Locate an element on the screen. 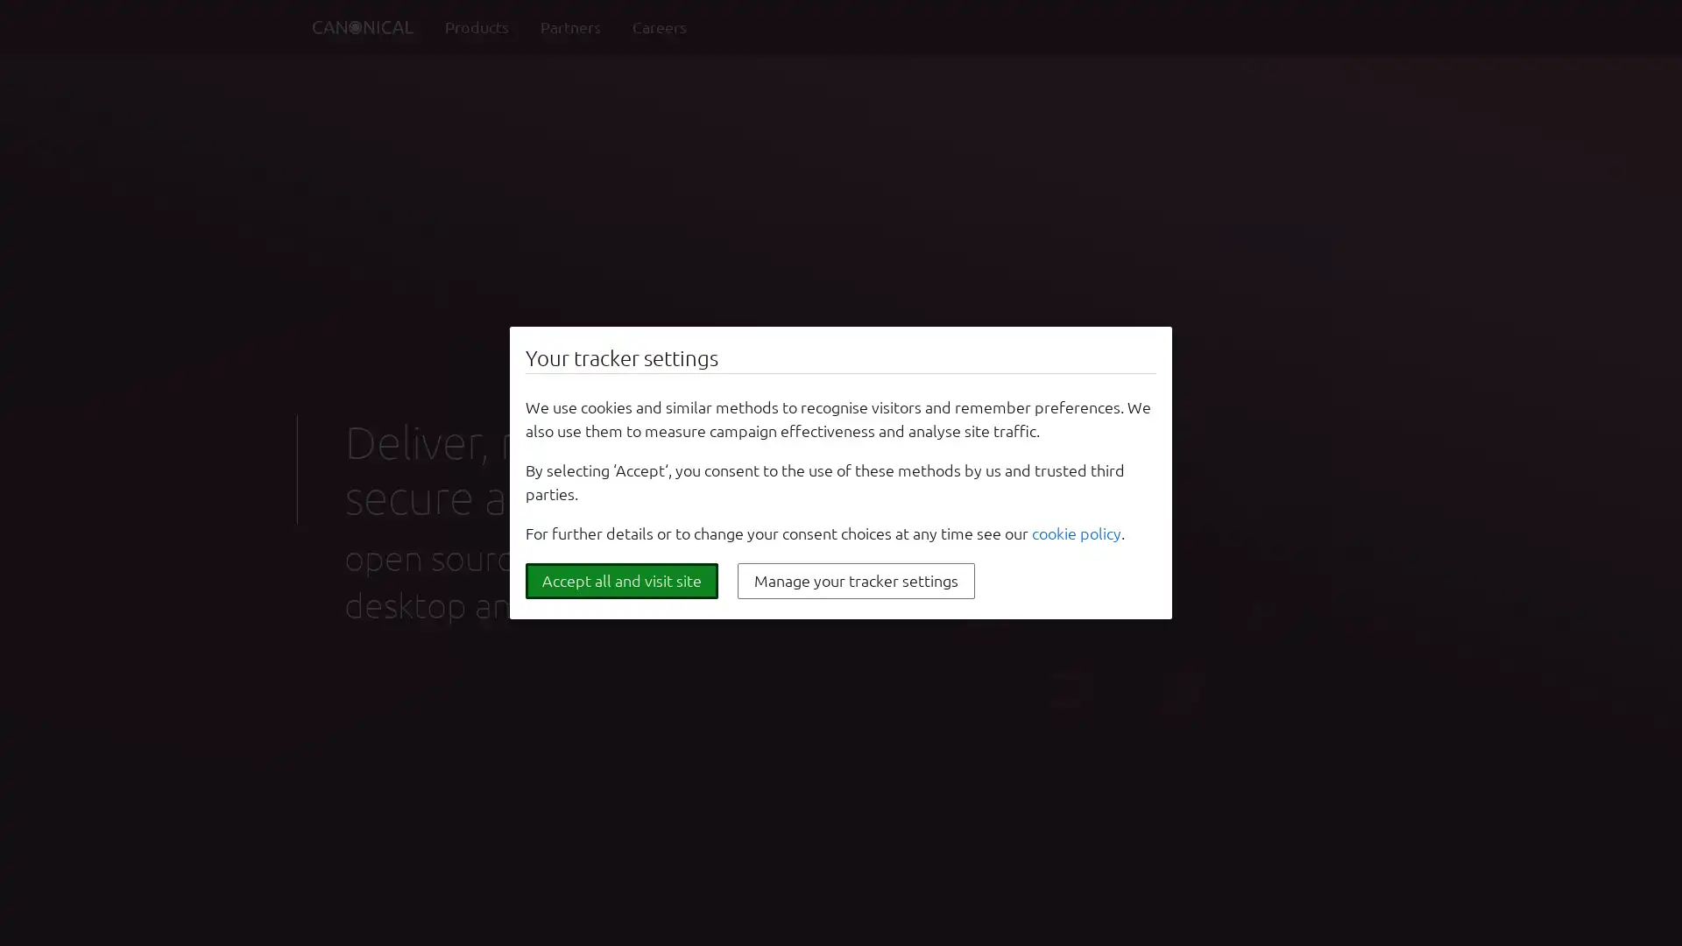 The image size is (1682, 946). Manage your tracker settings is located at coordinates (856, 581).